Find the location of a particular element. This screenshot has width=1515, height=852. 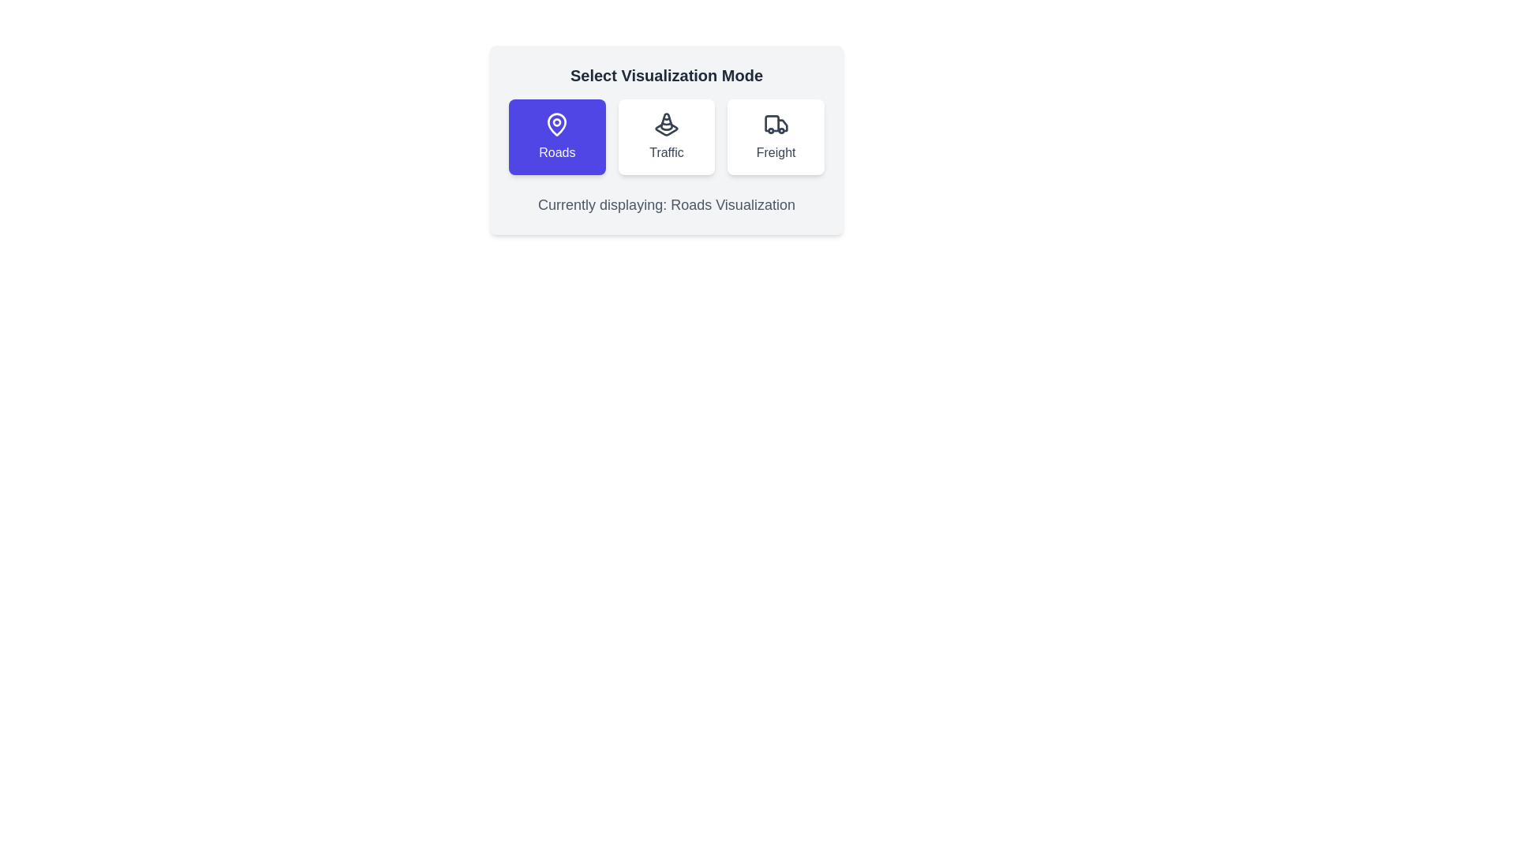

the button labeled Traffic to observe the hover effect is located at coordinates (666, 136).